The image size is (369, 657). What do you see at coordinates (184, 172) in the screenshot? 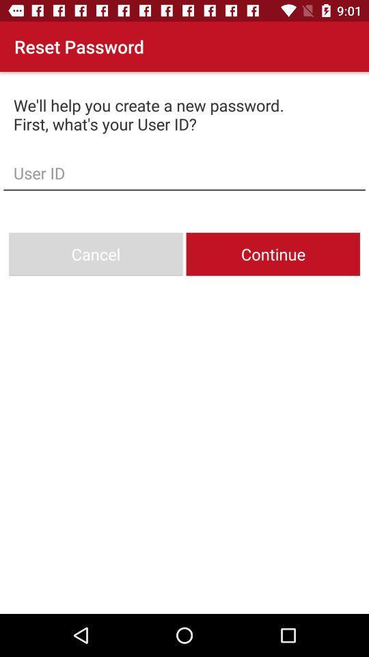
I see `the user id box` at bounding box center [184, 172].